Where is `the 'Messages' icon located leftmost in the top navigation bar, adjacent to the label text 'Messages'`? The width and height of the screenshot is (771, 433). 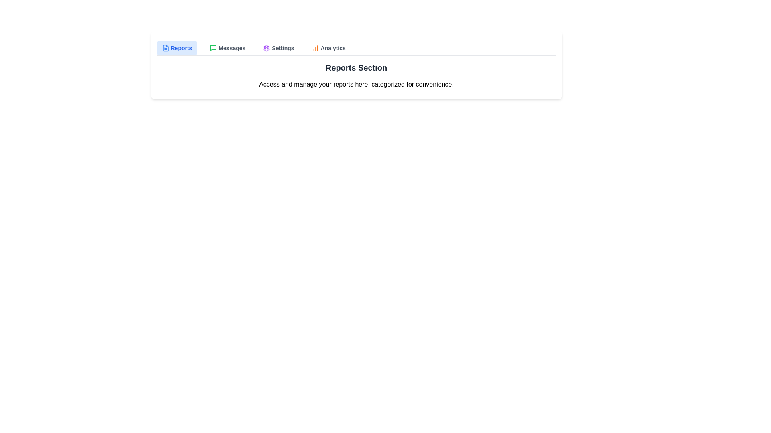
the 'Messages' icon located leftmost in the top navigation bar, adjacent to the label text 'Messages' is located at coordinates (213, 48).